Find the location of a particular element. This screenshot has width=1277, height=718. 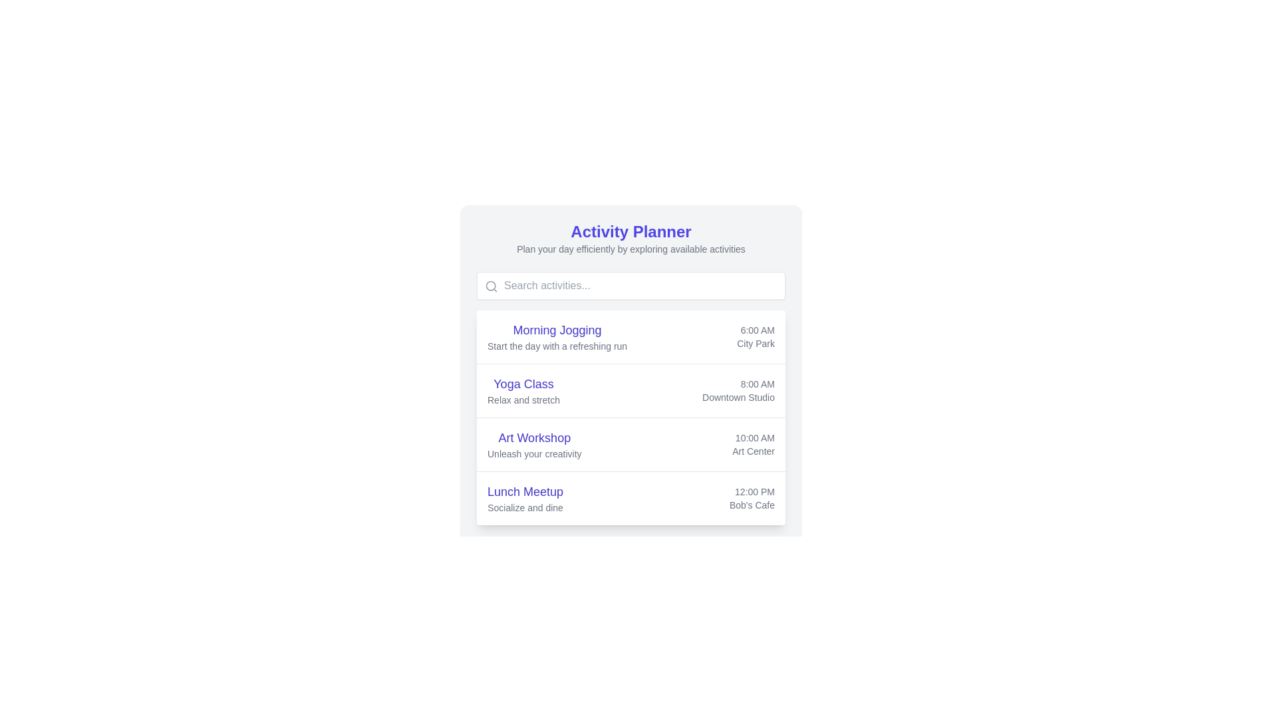

activity details from the text display element titled 'Morning Jogging' with the subtitle 'Start the day with a refreshing run' is located at coordinates (557, 336).